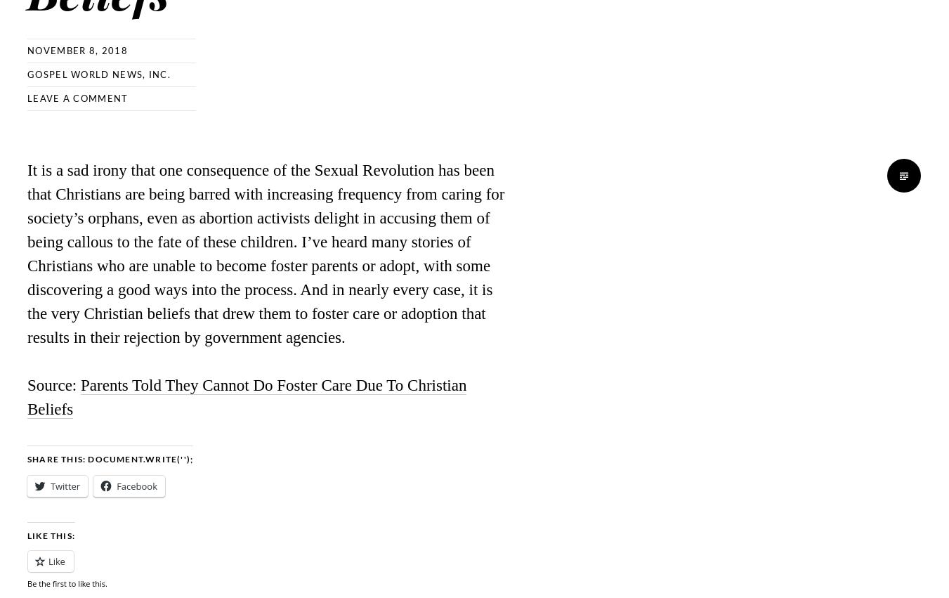  I want to click on 'Source:', so click(27, 384).